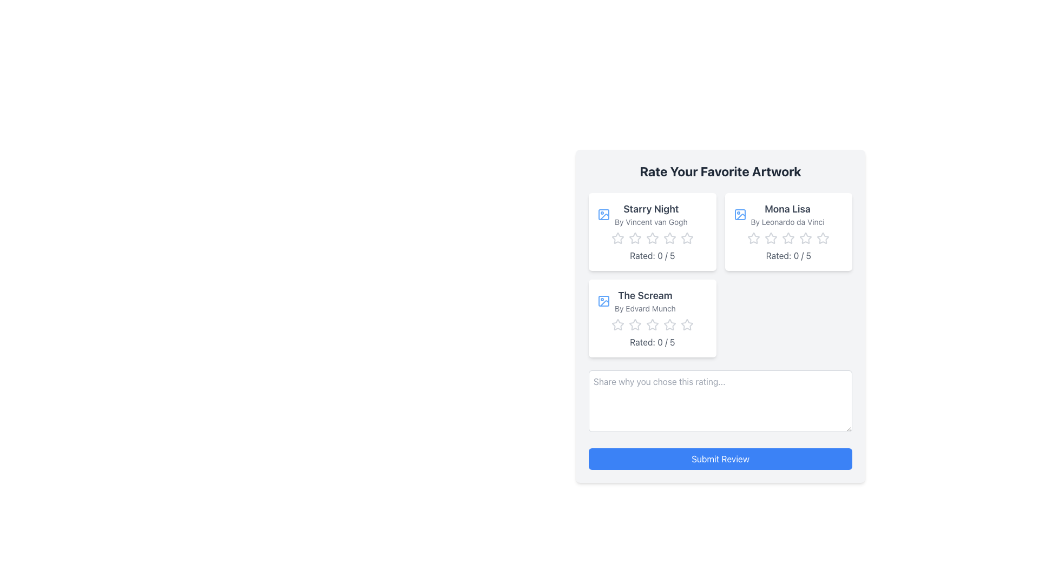 The height and width of the screenshot is (584, 1039). Describe the element at coordinates (771, 237) in the screenshot. I see `the second star icon in the rating system for the 'Mona Lisa' artwork to set the rating` at that location.